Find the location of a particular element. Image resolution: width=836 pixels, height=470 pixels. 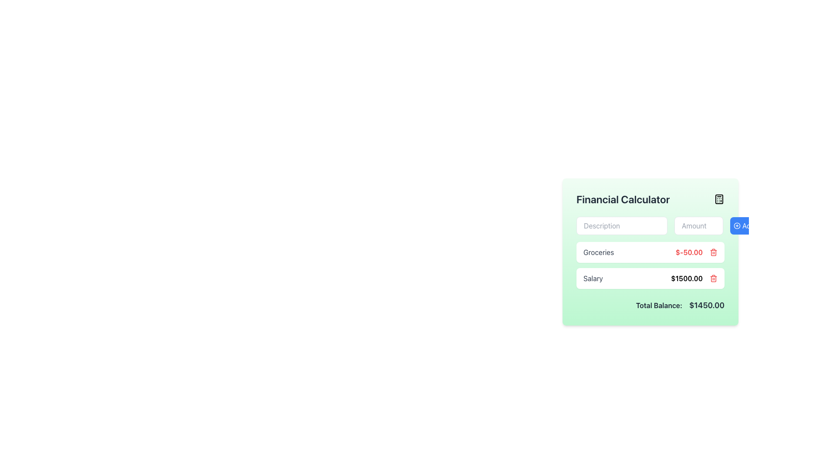

the red-colored, bolded text label displaying the monetary value '$-50.00' that is located to the right of the 'Groceries' label is located at coordinates (696, 252).